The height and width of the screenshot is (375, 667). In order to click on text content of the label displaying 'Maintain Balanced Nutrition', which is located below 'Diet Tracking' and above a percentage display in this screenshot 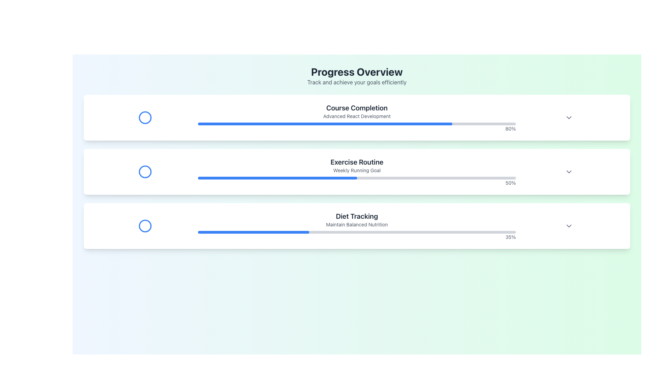, I will do `click(357, 225)`.